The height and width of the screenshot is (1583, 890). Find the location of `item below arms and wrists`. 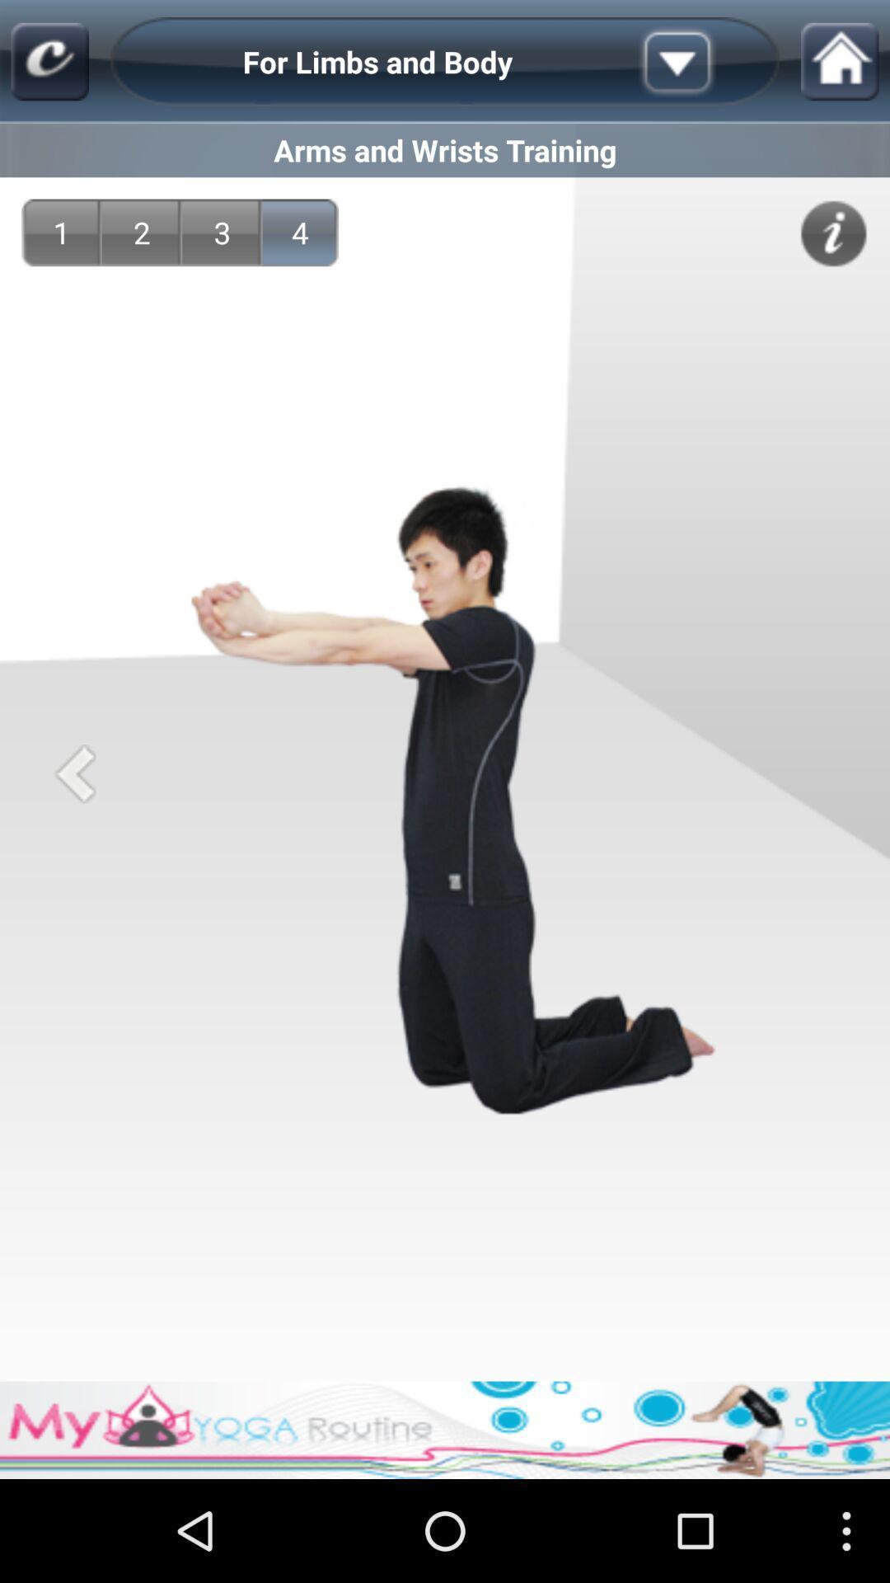

item below arms and wrists is located at coordinates (833, 233).